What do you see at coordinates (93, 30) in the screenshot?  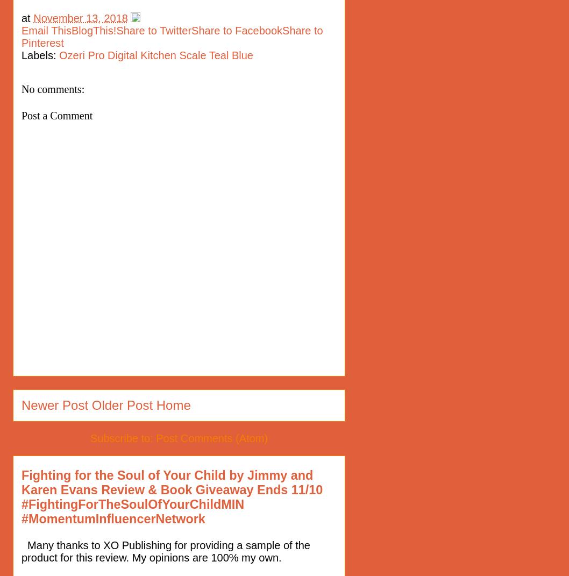 I see `'BlogThis!'` at bounding box center [93, 30].